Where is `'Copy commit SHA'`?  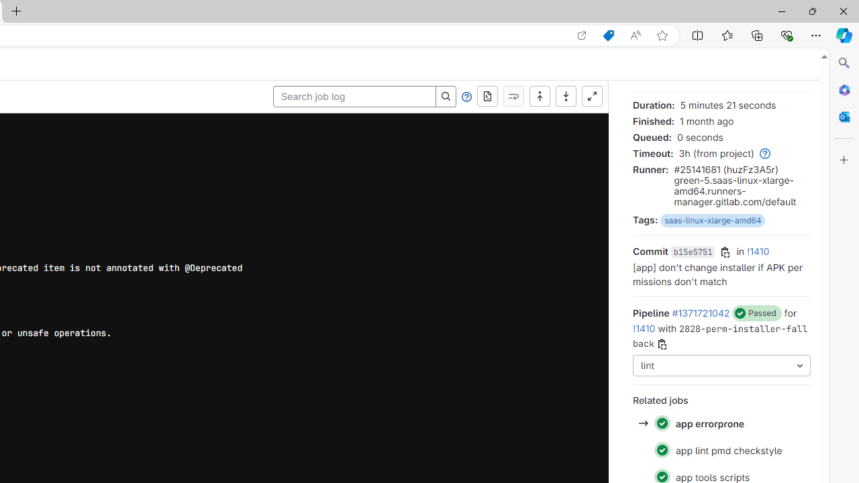
'Copy commit SHA' is located at coordinates (725, 252).